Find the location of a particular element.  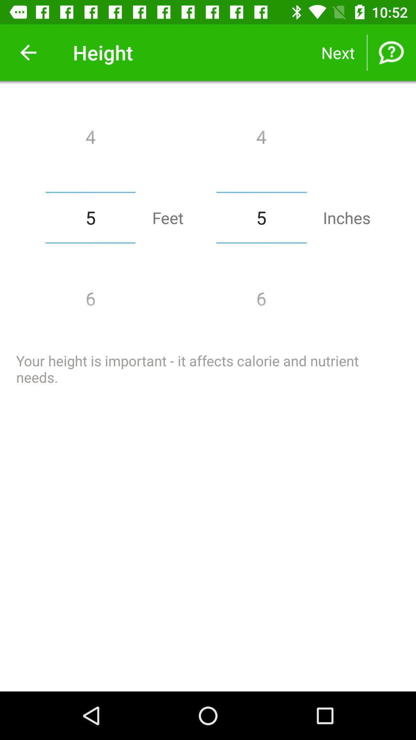

item to the left of height is located at coordinates (28, 52).